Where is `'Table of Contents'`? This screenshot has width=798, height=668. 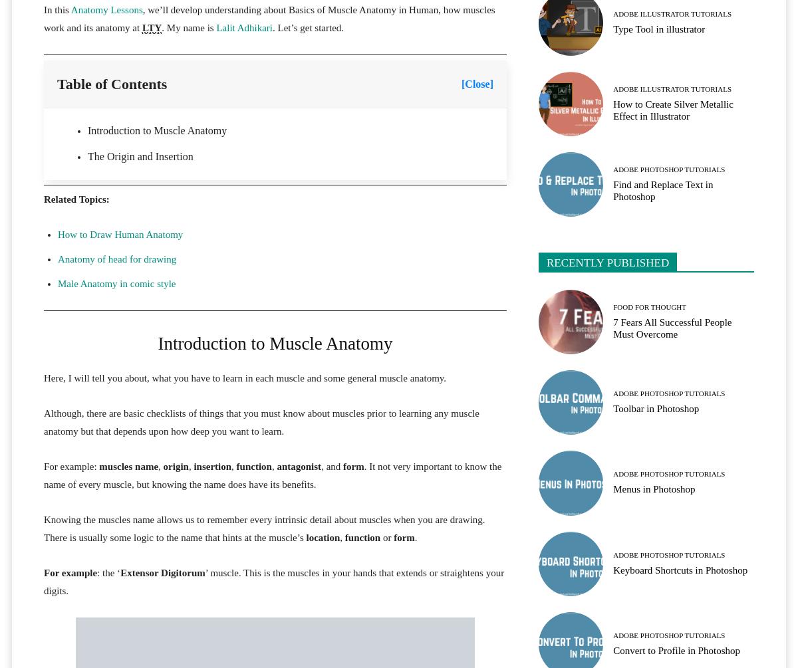 'Table of Contents' is located at coordinates (111, 83).